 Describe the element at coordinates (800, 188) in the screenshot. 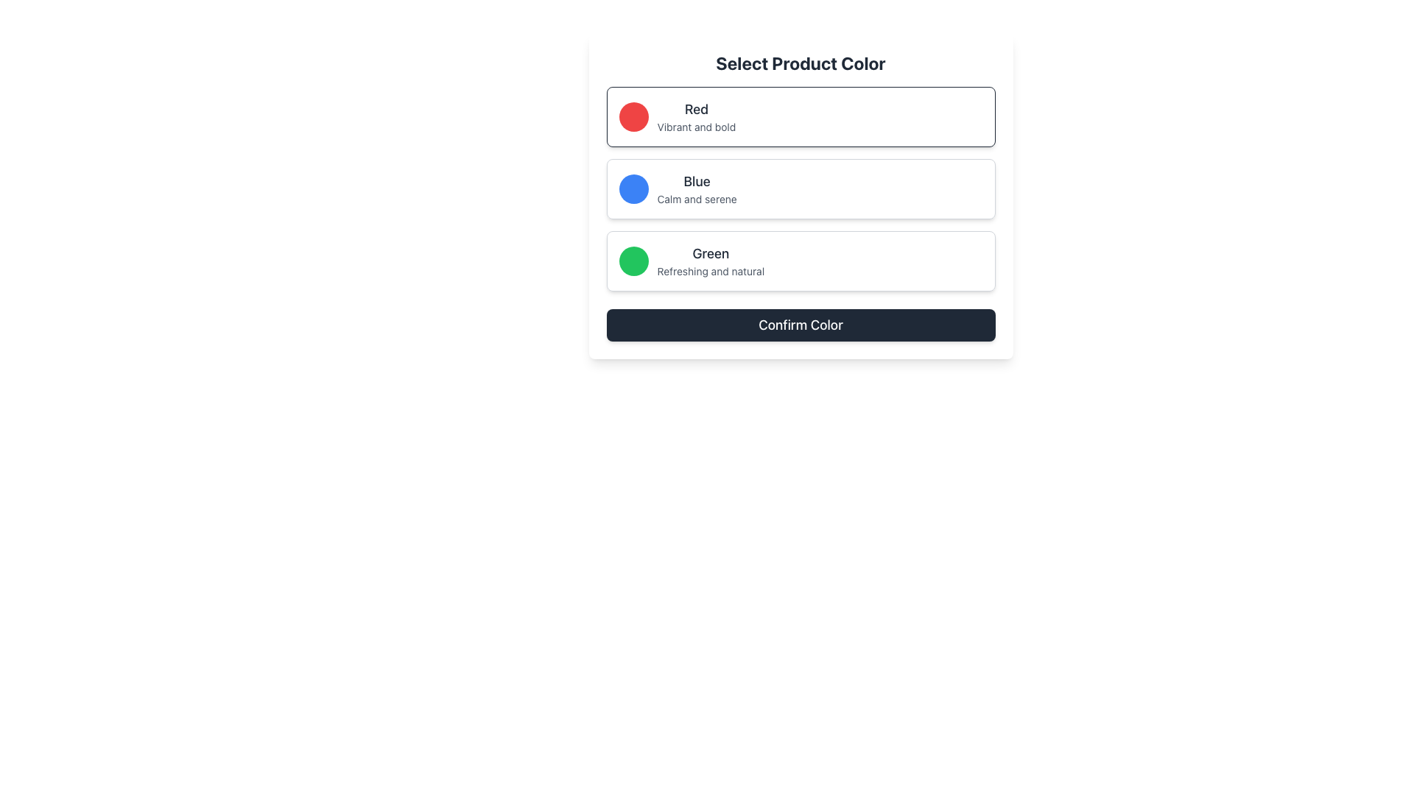

I see `the second button in the color selection list` at that location.